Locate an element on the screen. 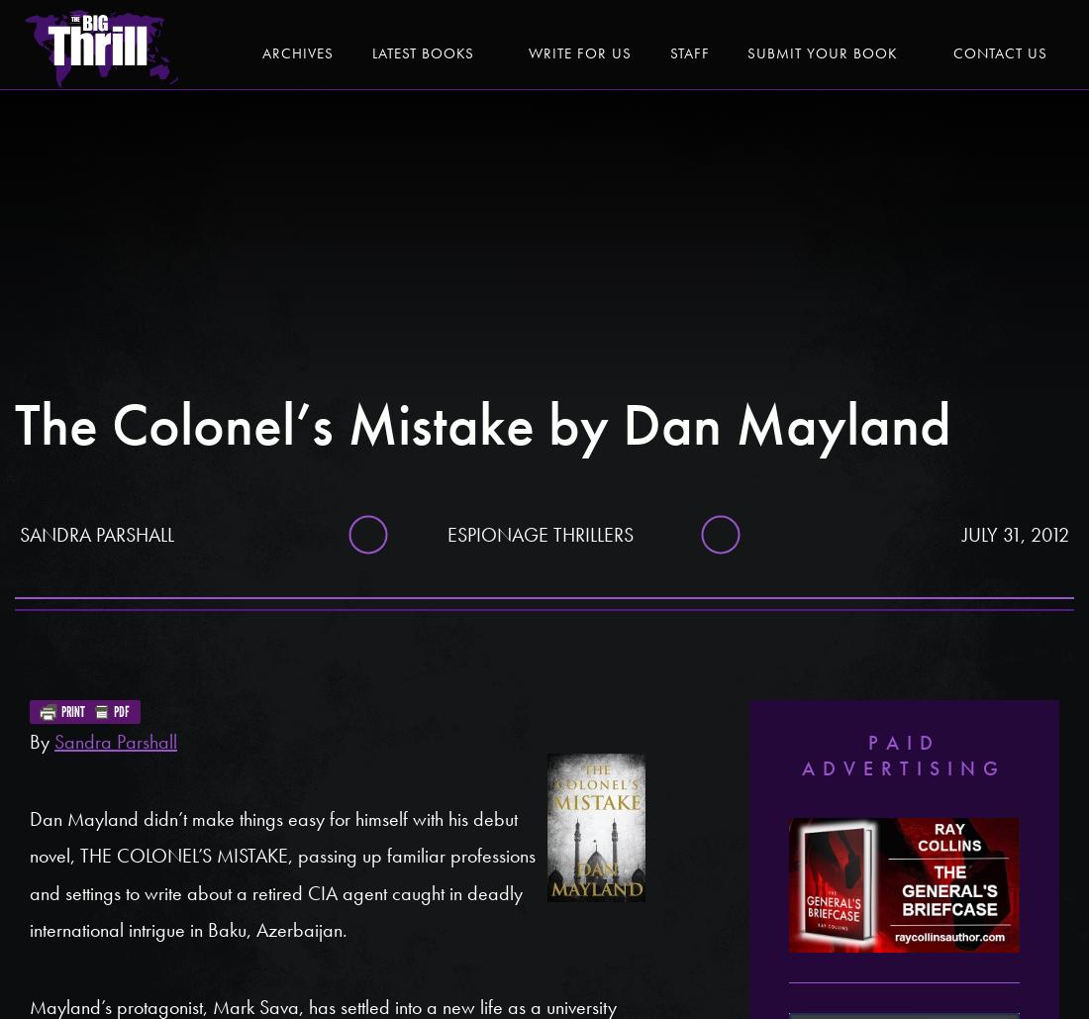  'the first crop of authors to be published by an Amazon imprint. What has that been like? Has the process moved faster than traditional publishing, or do you think it' is located at coordinates (29, 189).